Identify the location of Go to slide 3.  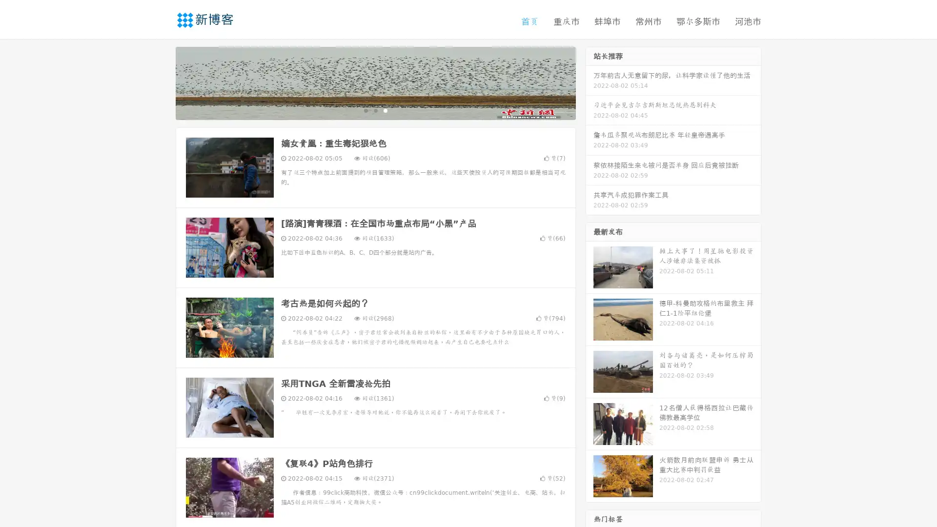
(385, 110).